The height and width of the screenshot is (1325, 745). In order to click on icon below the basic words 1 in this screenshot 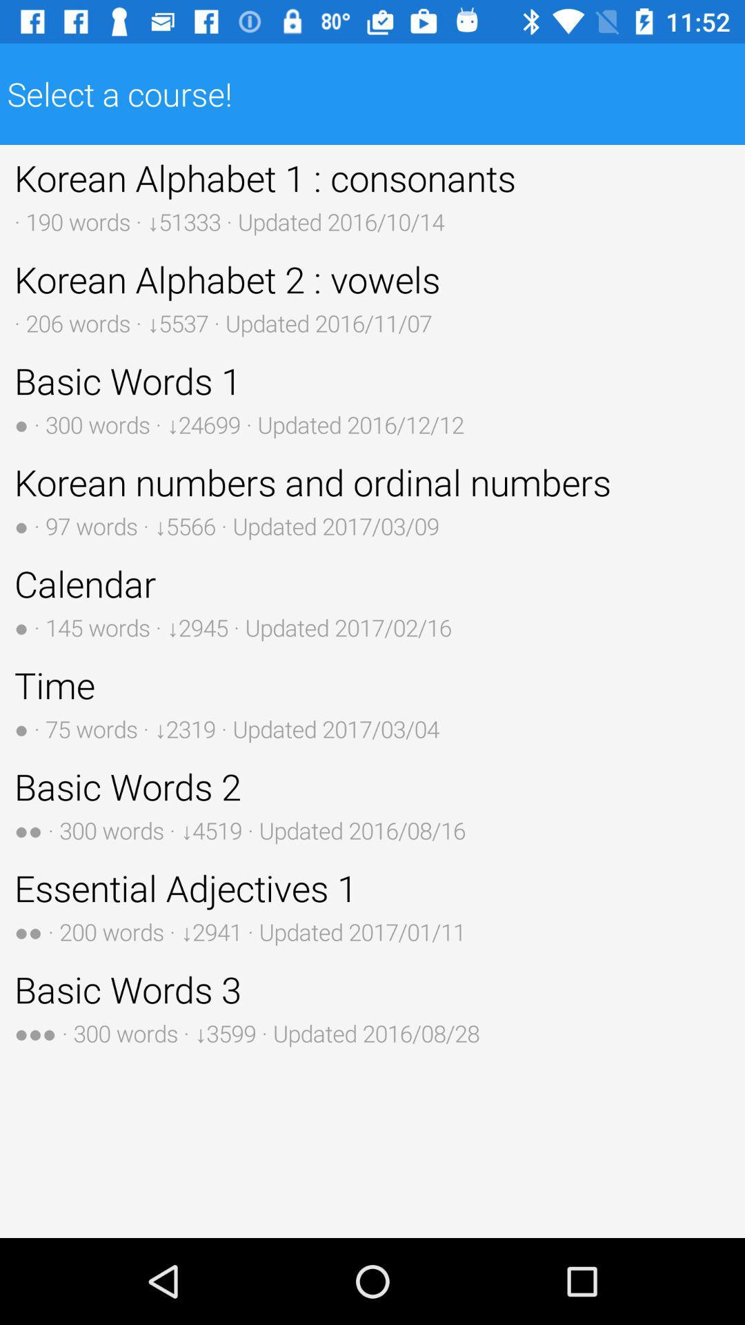, I will do `click(372, 499)`.